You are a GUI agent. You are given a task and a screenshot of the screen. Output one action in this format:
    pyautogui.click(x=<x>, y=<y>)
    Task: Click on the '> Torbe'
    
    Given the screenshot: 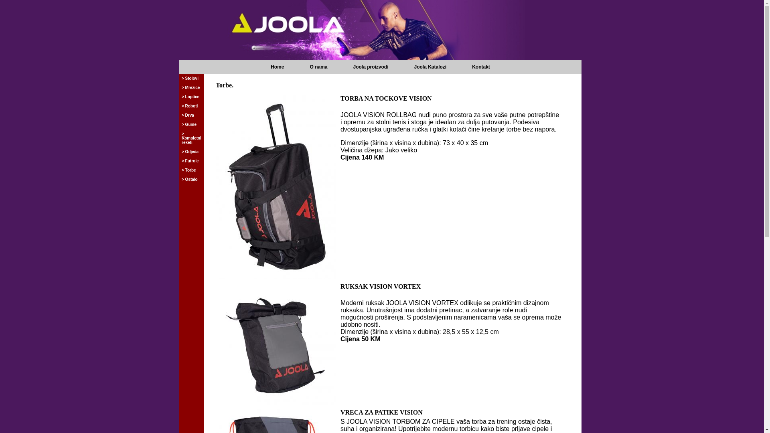 What is the action you would take?
    pyautogui.click(x=180, y=170)
    